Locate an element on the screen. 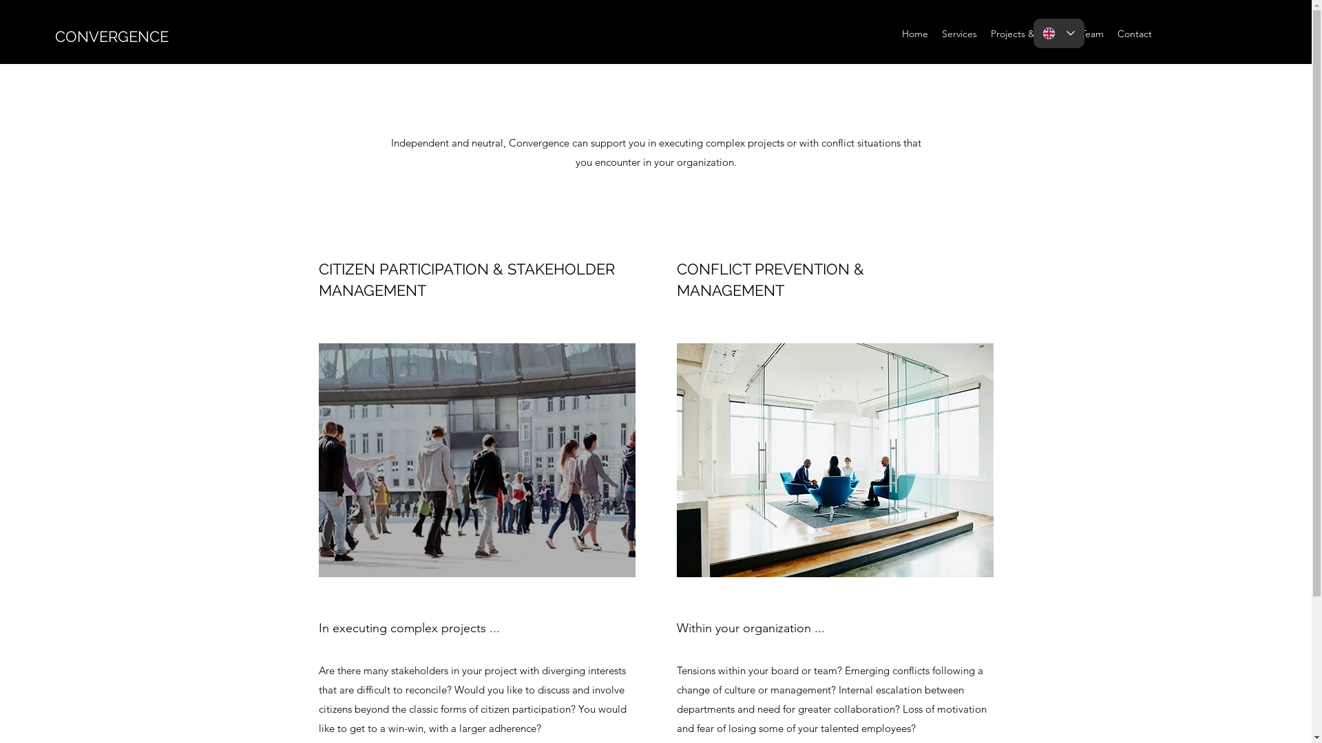 Image resolution: width=1322 pixels, height=743 pixels. 'Services' is located at coordinates (935, 33).